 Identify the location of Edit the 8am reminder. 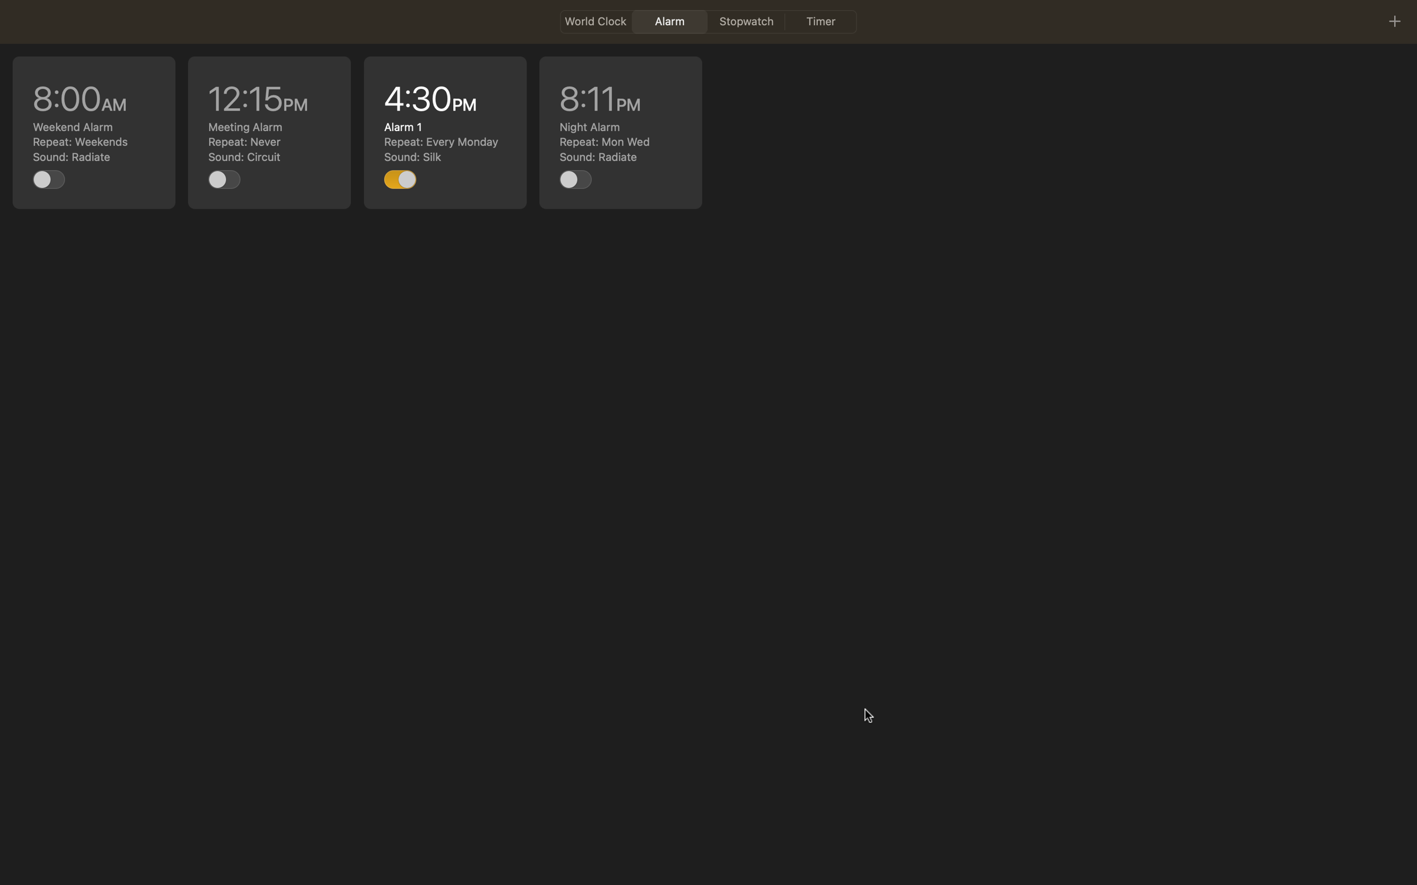
(94, 132).